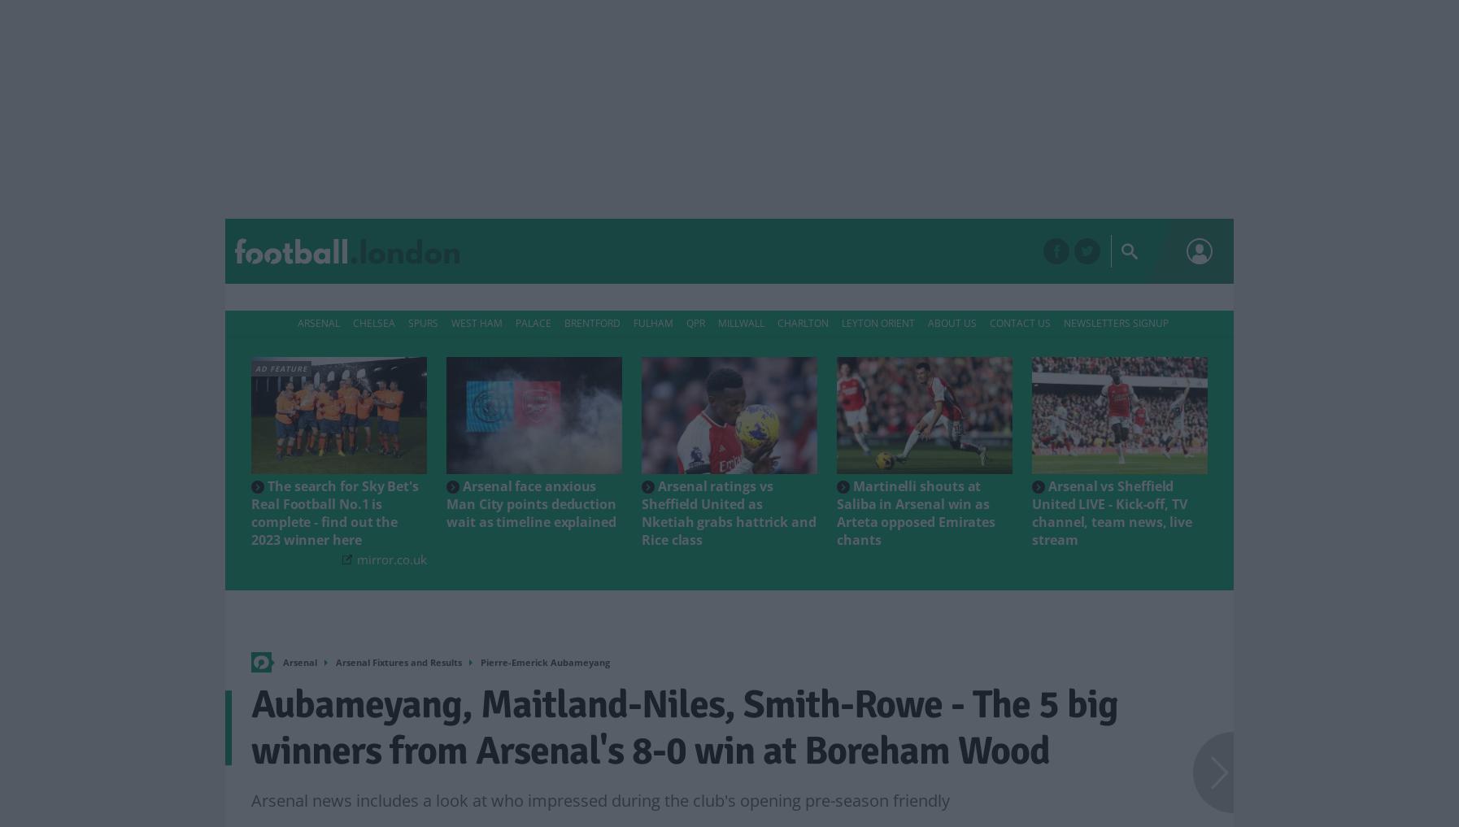  What do you see at coordinates (684, 727) in the screenshot?
I see `'Aubameyang, Maitland-Niles, Smith-Rowe - The 5 big winners from Arsenal's 8-0 win at Boreham Wood'` at bounding box center [684, 727].